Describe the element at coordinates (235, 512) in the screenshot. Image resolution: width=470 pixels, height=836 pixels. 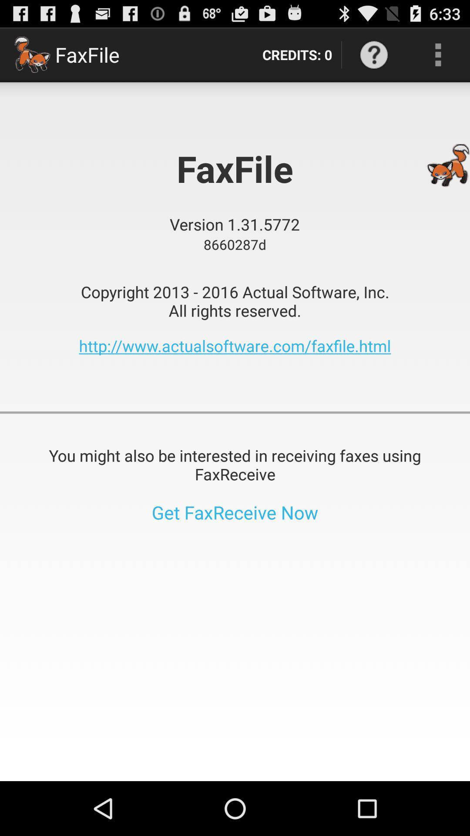
I see `the item below the you might also app` at that location.